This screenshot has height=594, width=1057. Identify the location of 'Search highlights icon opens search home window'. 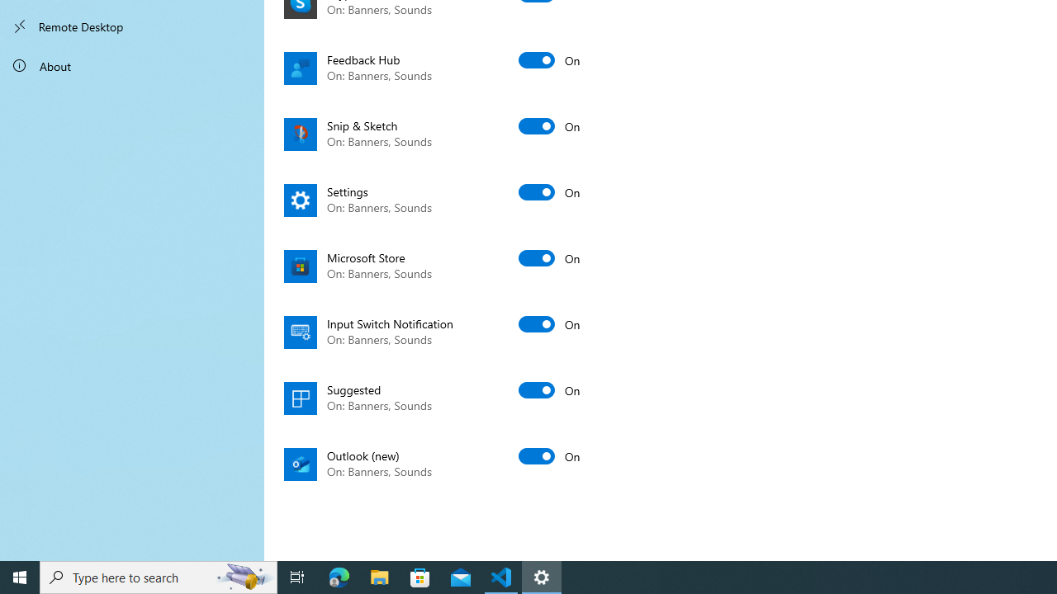
(243, 576).